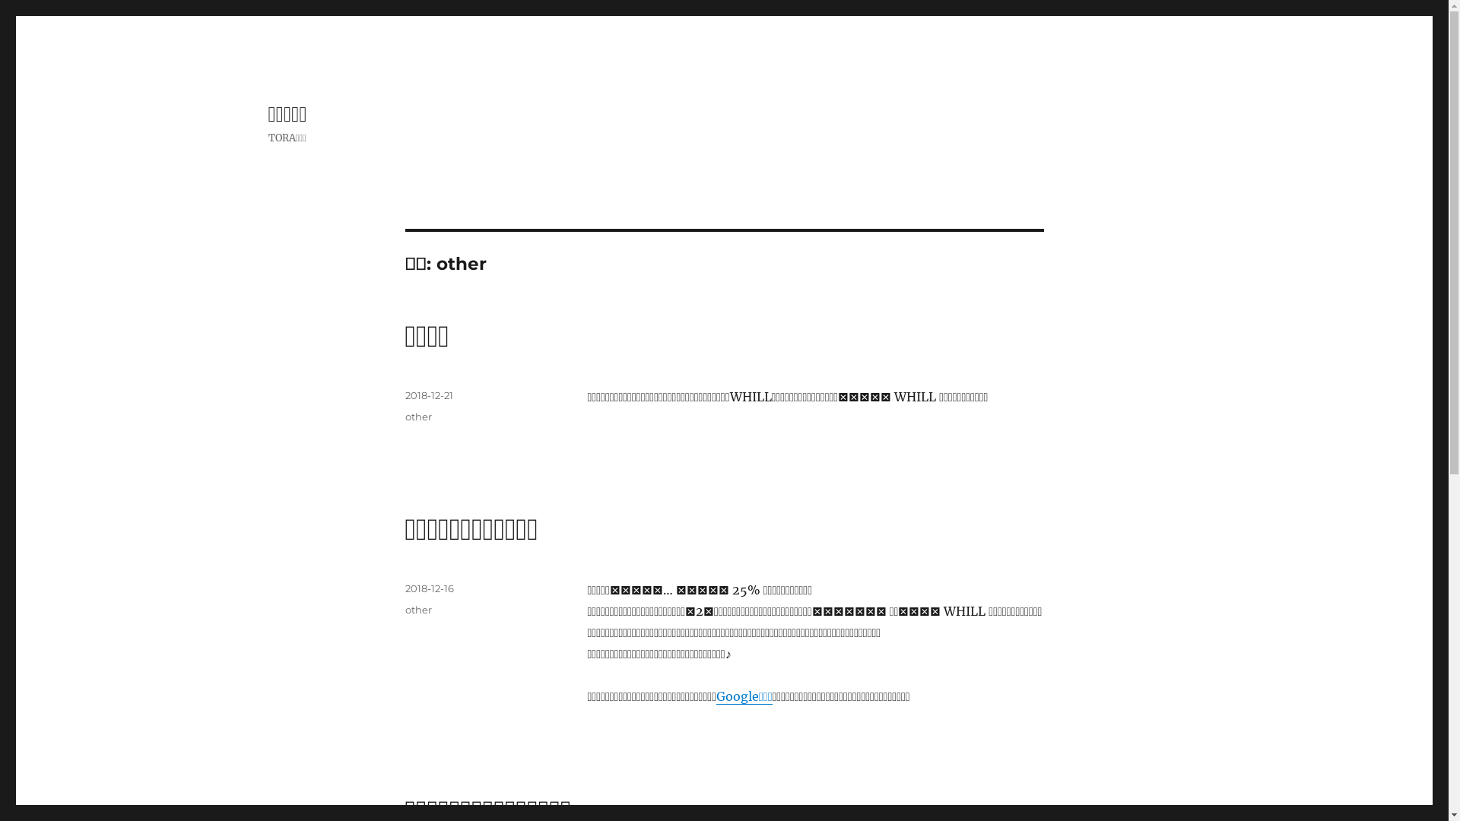 This screenshot has width=1460, height=821. What do you see at coordinates (427, 395) in the screenshot?
I see `'2018-12-21'` at bounding box center [427, 395].